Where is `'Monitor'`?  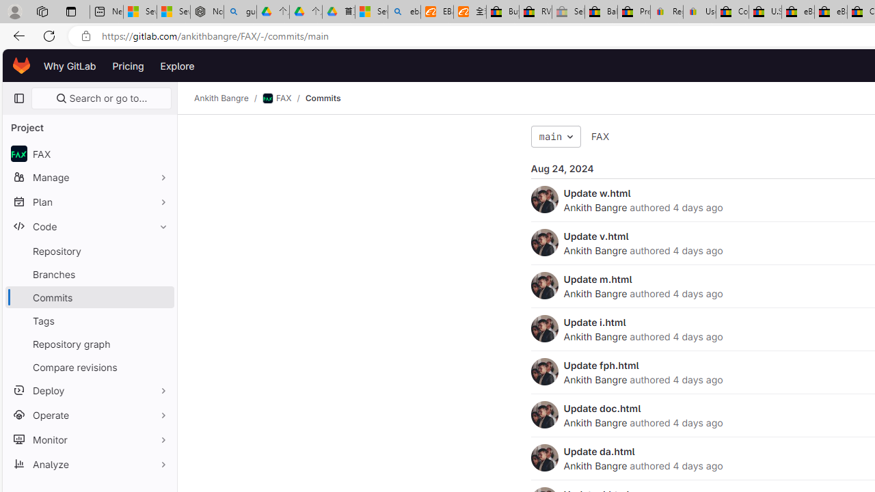
'Monitor' is located at coordinates (89, 439).